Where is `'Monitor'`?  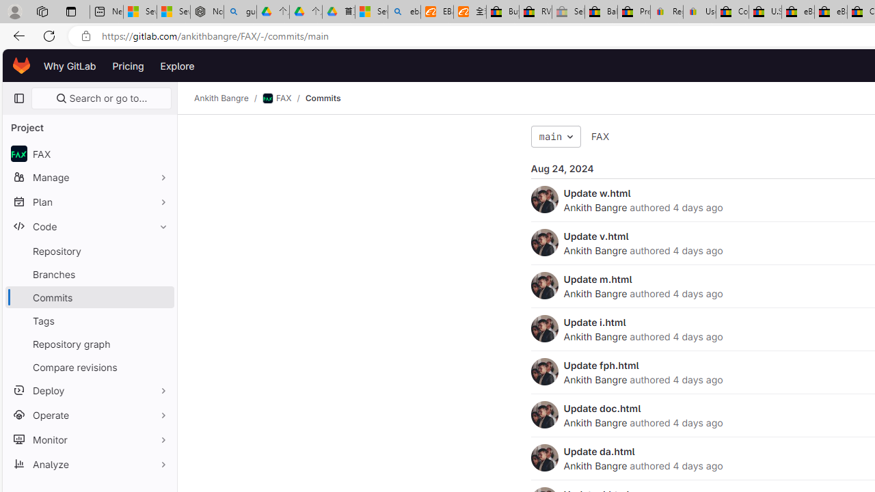
'Monitor' is located at coordinates (89, 439).